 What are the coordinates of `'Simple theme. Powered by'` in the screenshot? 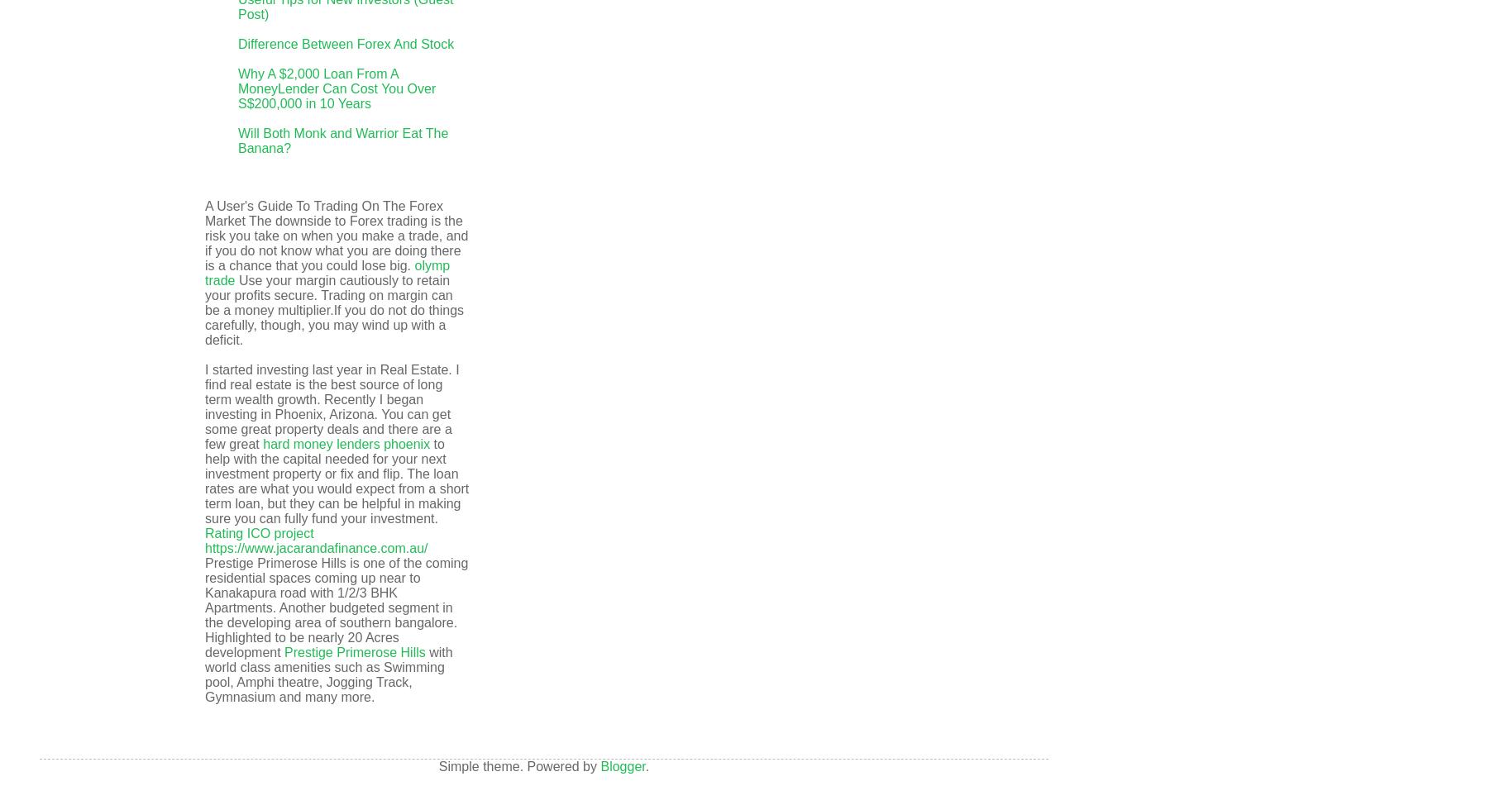 It's located at (518, 765).